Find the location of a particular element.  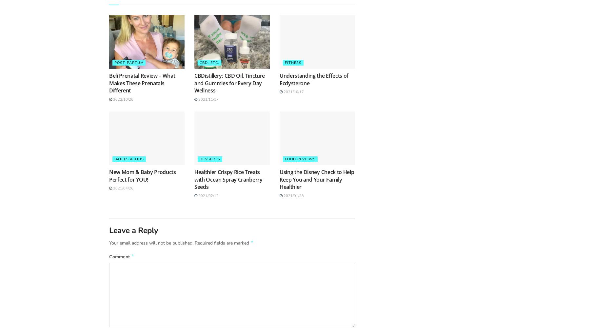

'New Mom & Baby Products Perfect for YOU!' is located at coordinates (142, 175).